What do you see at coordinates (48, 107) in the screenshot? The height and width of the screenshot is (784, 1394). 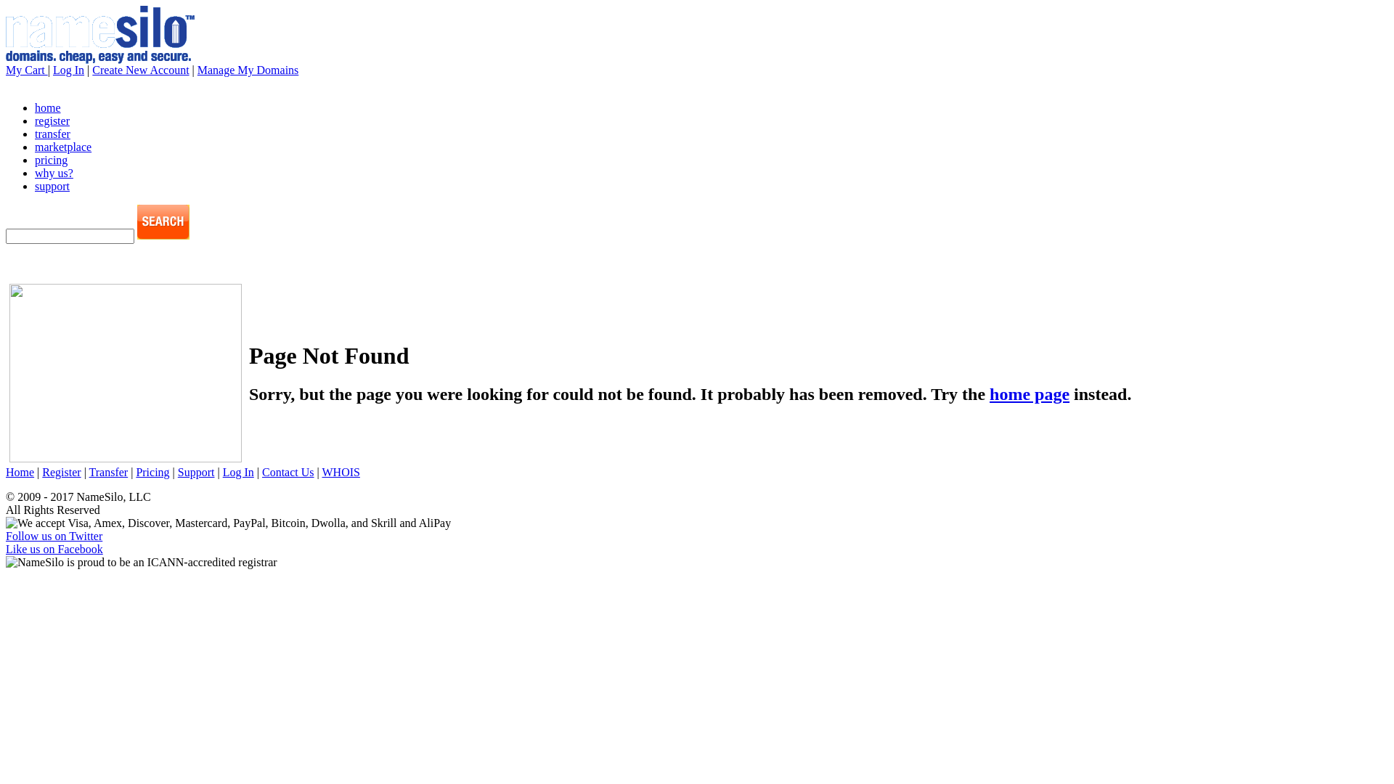 I see `'home'` at bounding box center [48, 107].